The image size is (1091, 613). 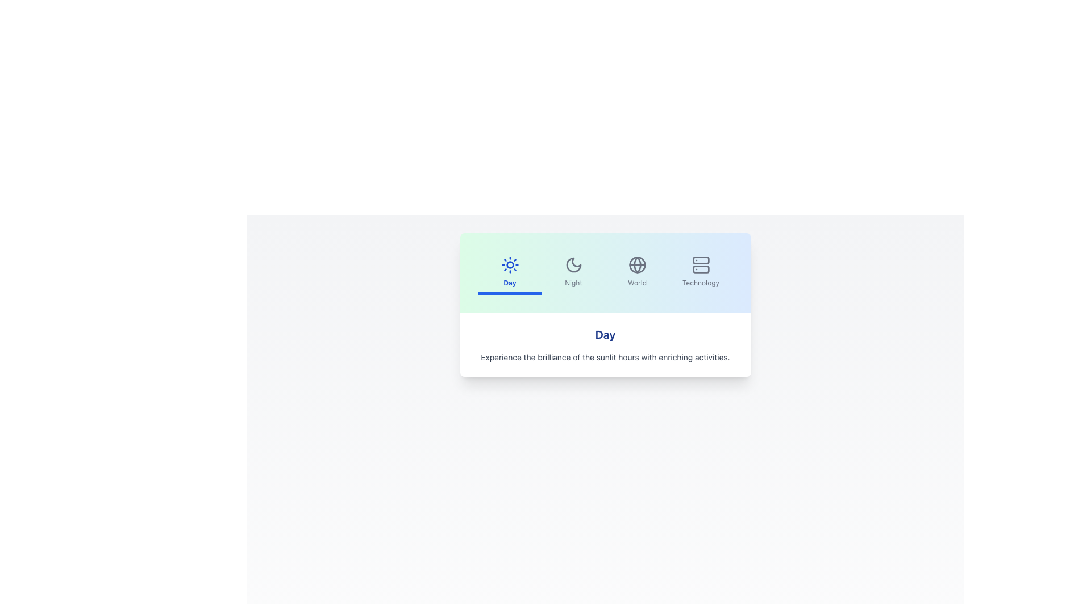 I want to click on the 'Night' tab item, which is a selectable tab with a crescent moon icon and gray label, positioned between the 'Day' and 'World' tabs, so click(x=573, y=273).